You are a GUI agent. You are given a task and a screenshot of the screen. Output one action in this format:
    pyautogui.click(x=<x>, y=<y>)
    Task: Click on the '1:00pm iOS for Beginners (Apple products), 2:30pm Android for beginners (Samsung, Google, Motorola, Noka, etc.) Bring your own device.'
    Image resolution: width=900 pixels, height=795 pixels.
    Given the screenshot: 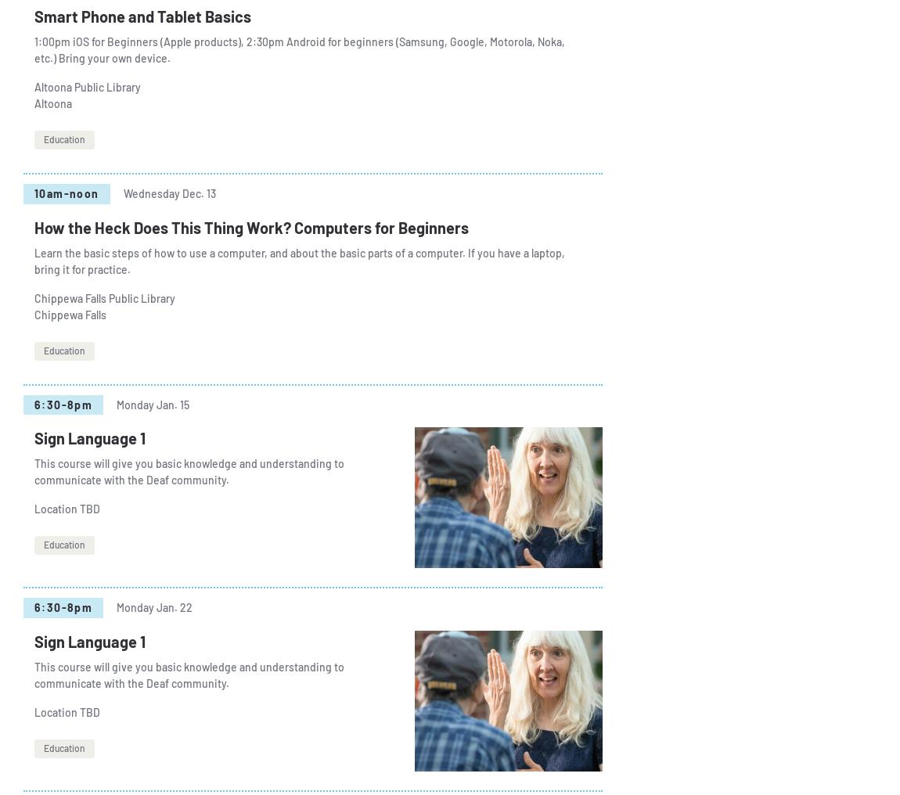 What is the action you would take?
    pyautogui.click(x=299, y=50)
    